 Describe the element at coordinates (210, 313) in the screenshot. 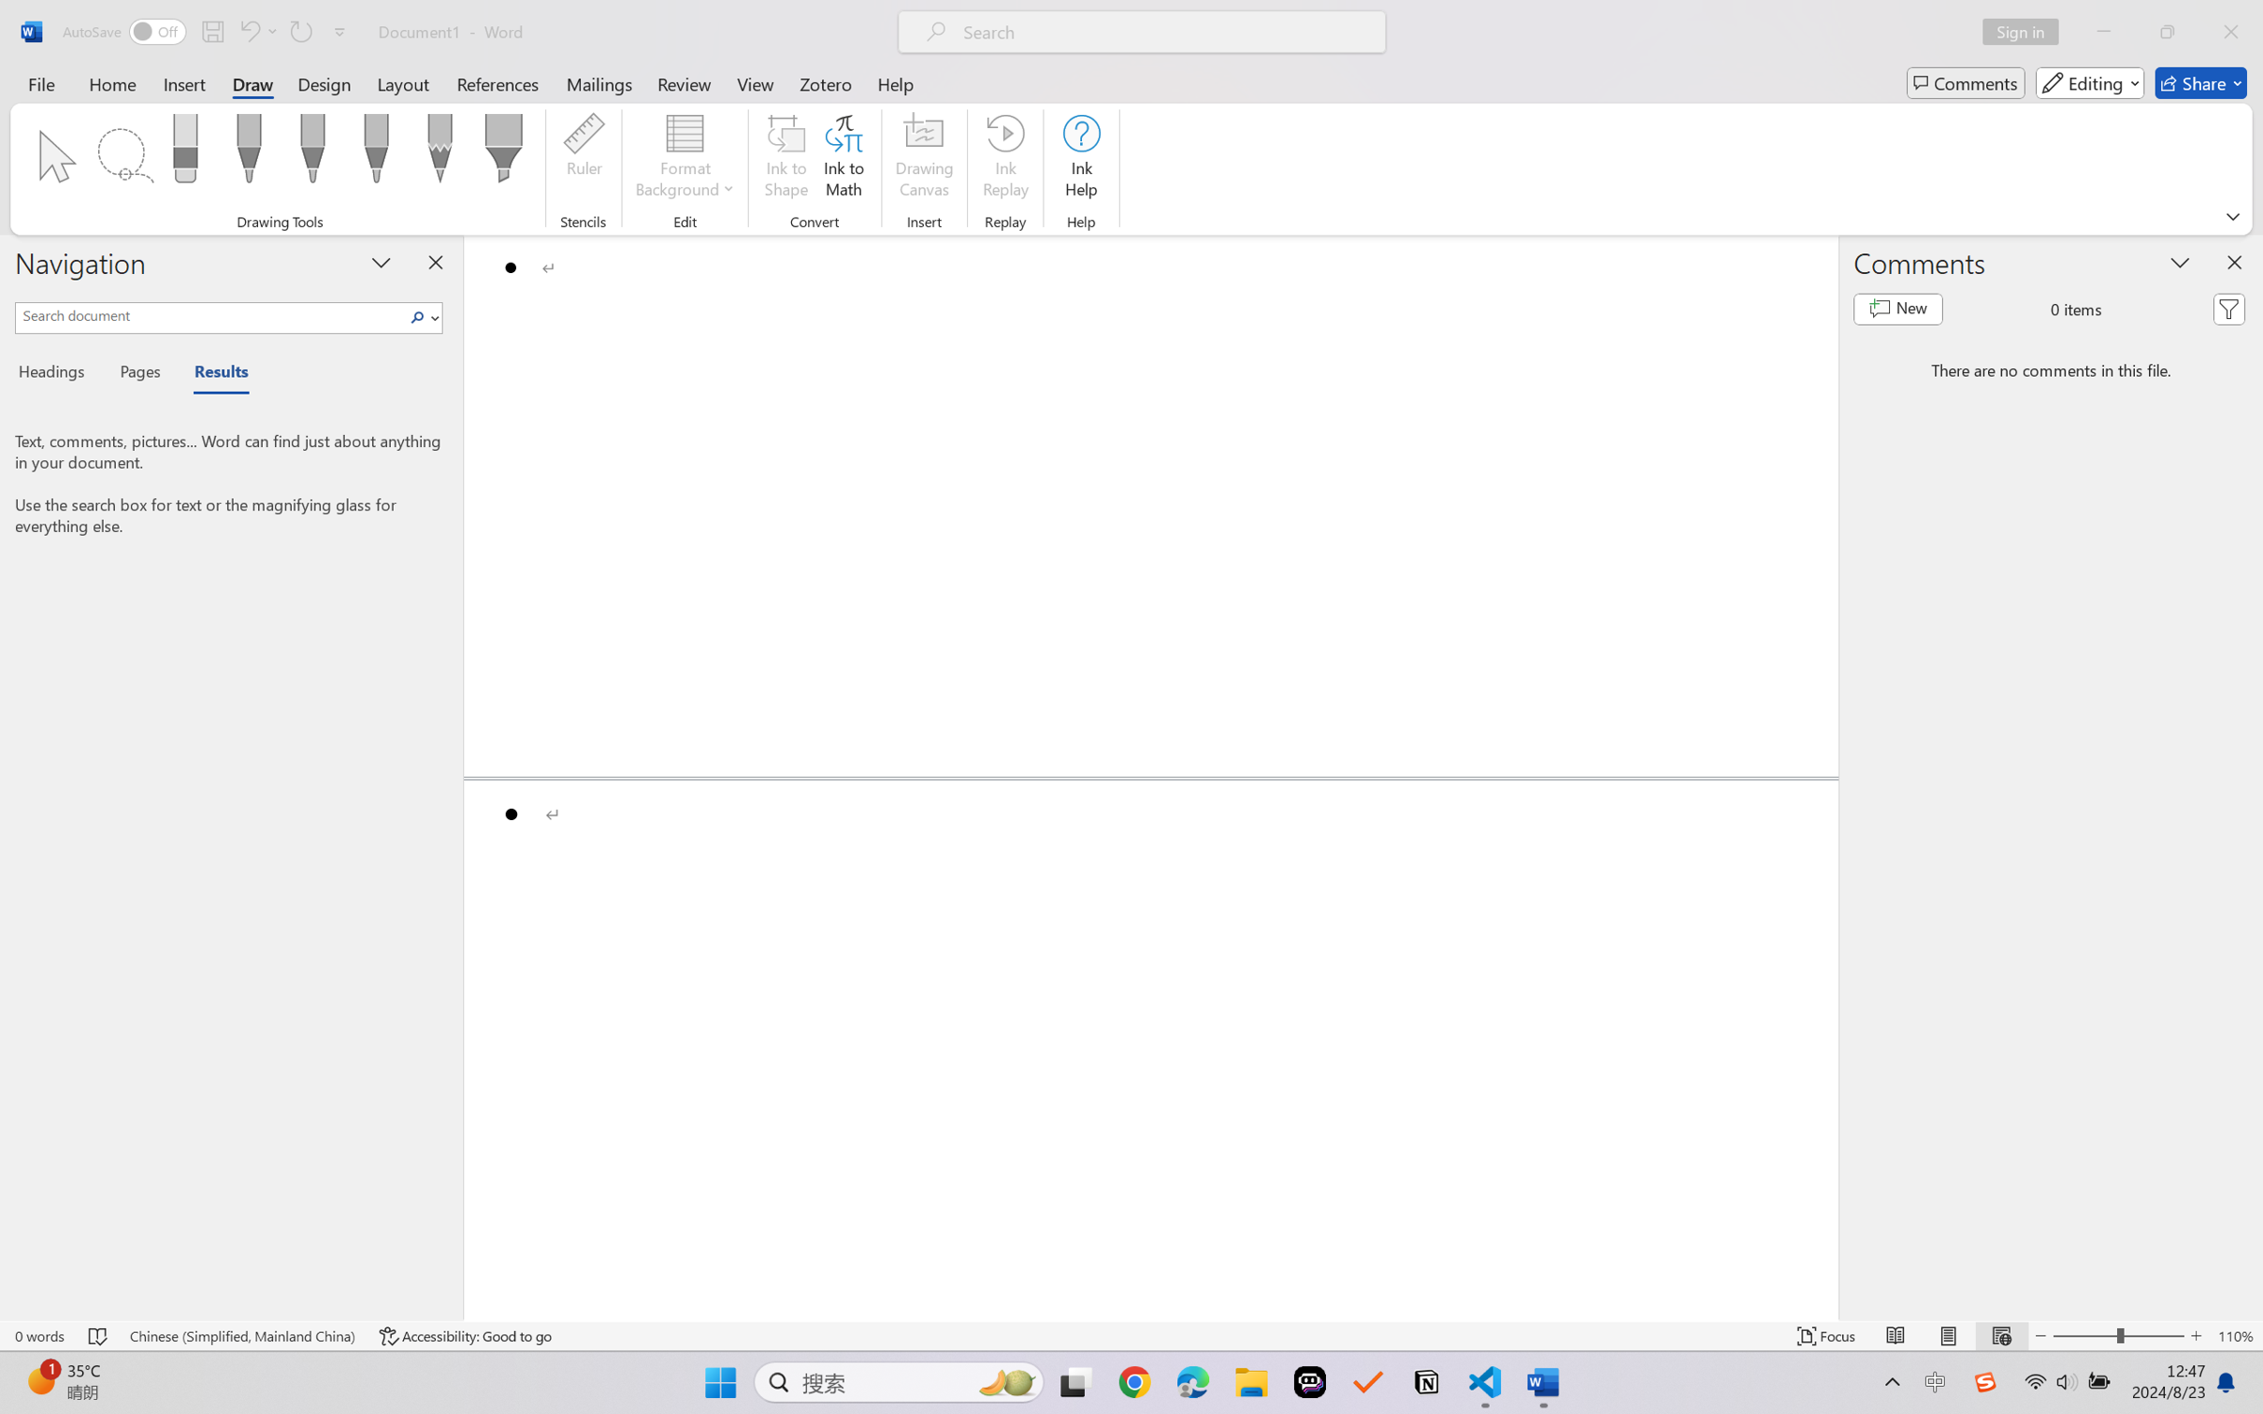

I see `'Search document'` at that location.